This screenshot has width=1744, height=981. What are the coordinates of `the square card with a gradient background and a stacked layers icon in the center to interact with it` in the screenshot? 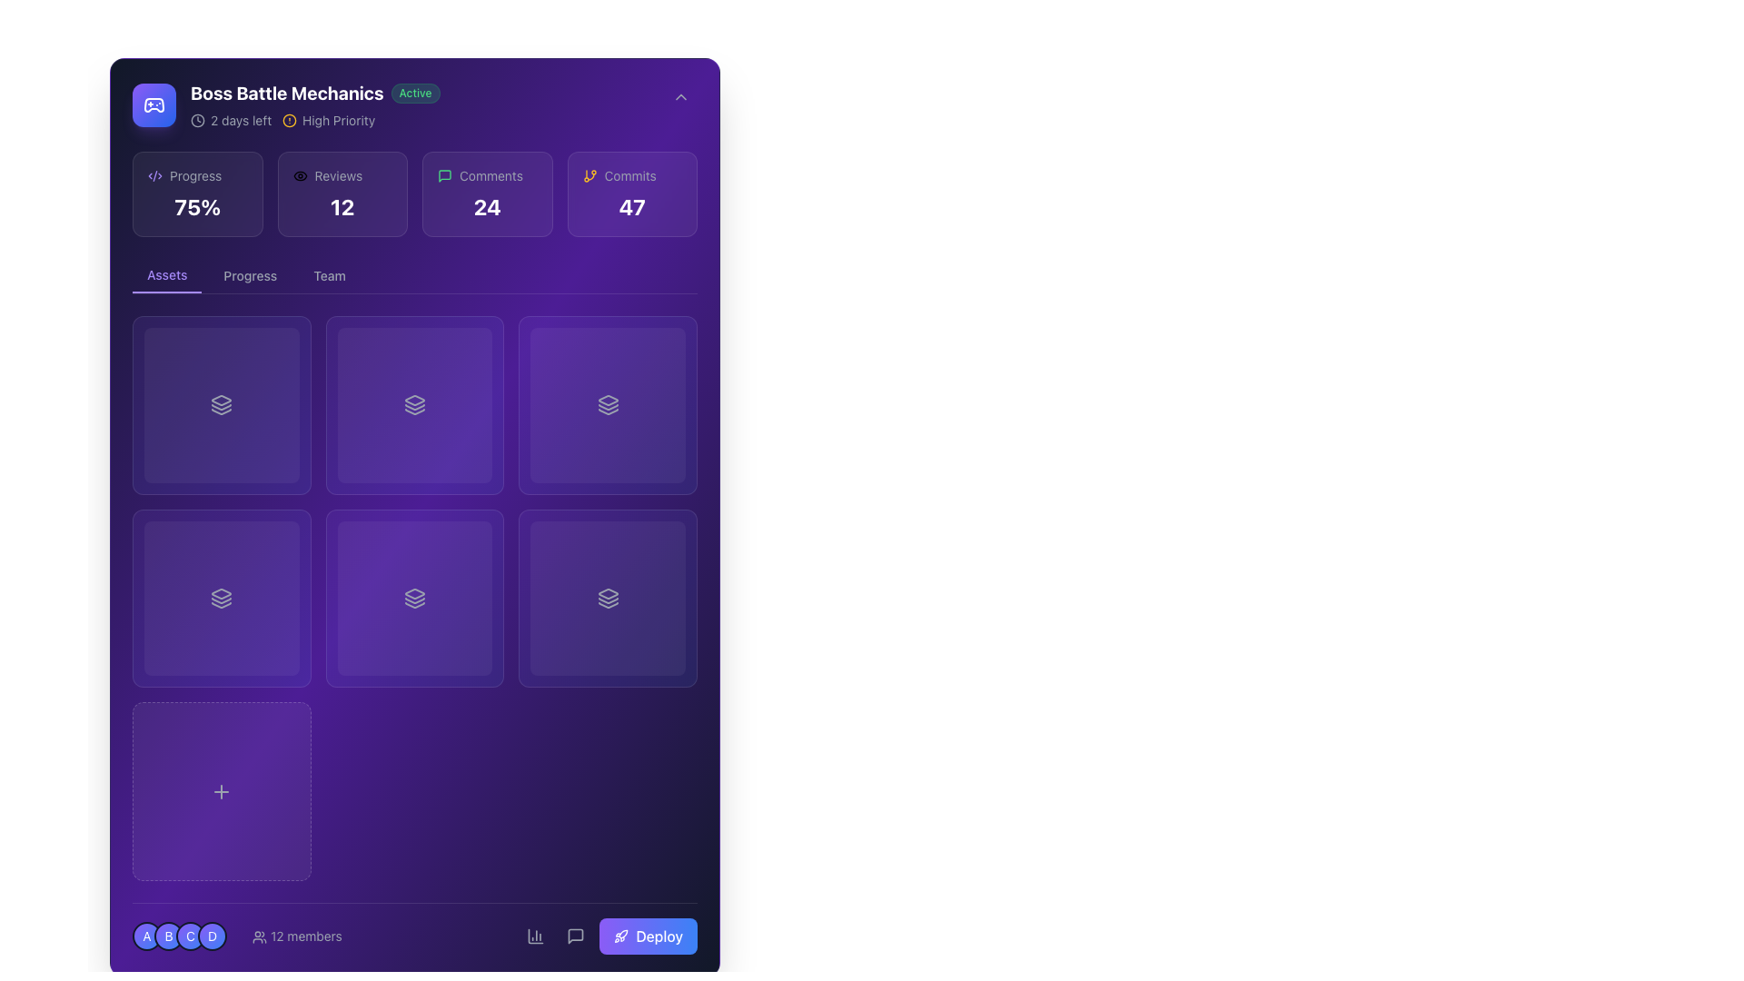 It's located at (413, 599).